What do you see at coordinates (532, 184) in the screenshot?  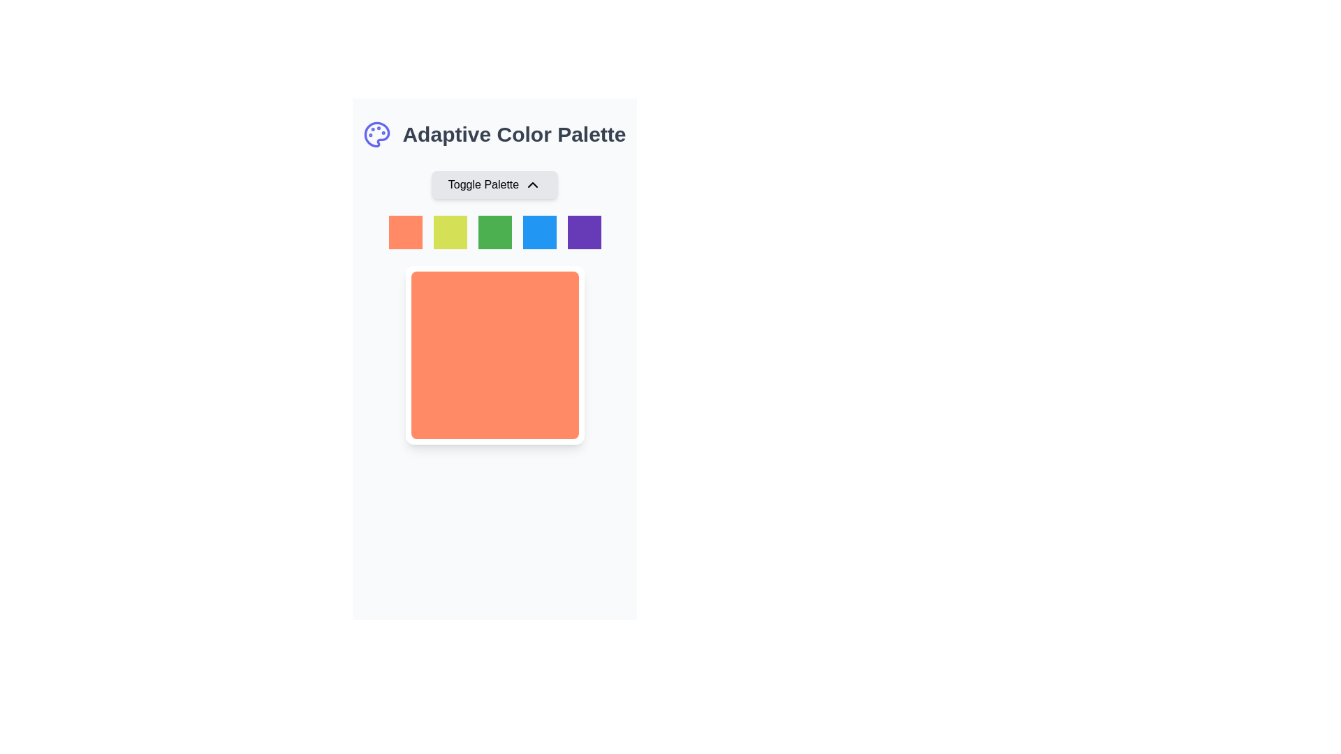 I see `the chevron icon that indicates collapsing or expanding the 'Toggle Palette' section, located adjacent to the right edge of the 'Toggle Palette' text` at bounding box center [532, 184].